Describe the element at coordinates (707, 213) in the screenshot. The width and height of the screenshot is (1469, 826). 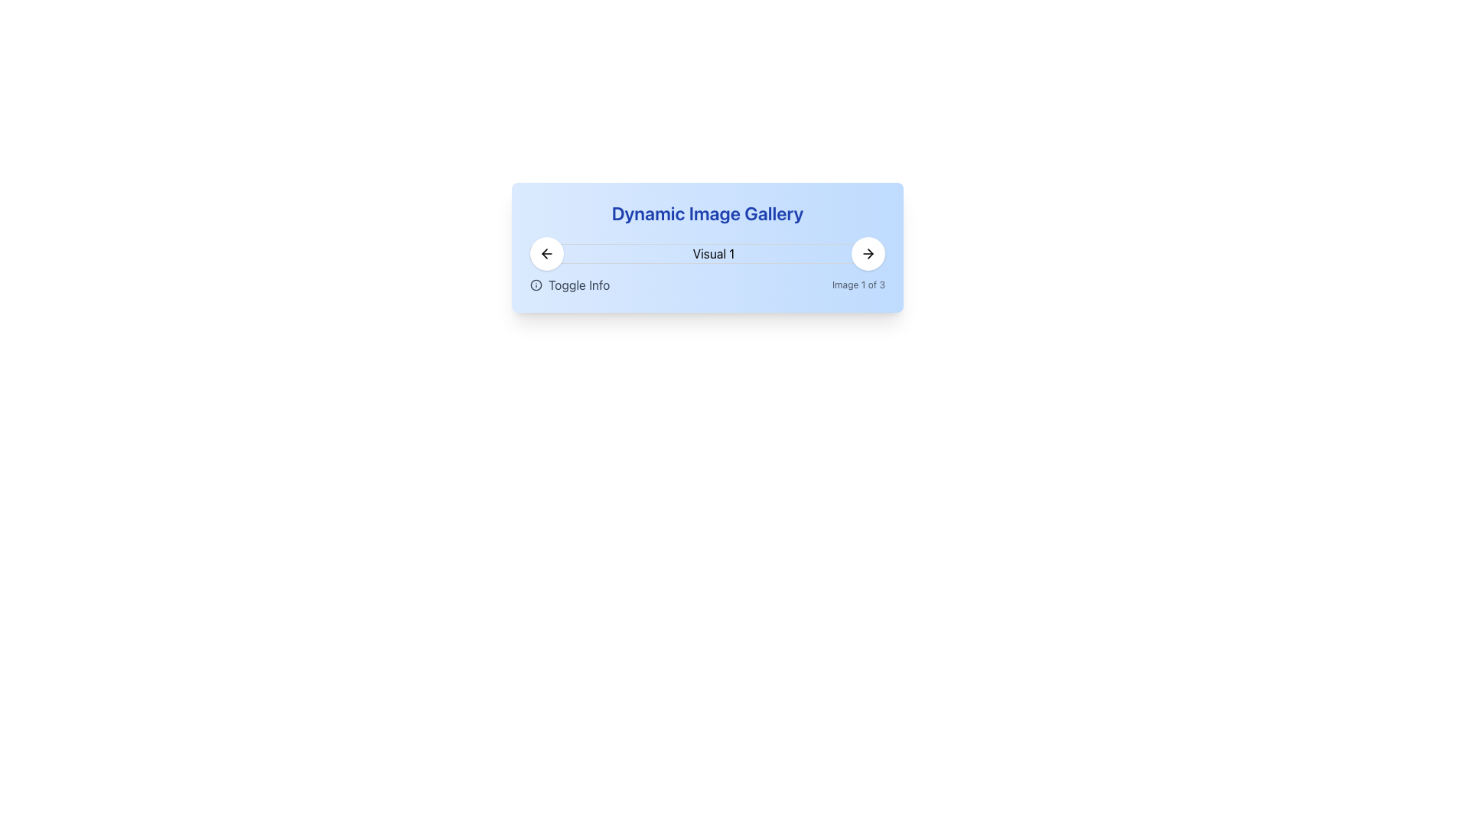
I see `the Text Label displaying 'Dynamic Image Gallery' which is positioned at the top of a rounded gradient background card` at that location.